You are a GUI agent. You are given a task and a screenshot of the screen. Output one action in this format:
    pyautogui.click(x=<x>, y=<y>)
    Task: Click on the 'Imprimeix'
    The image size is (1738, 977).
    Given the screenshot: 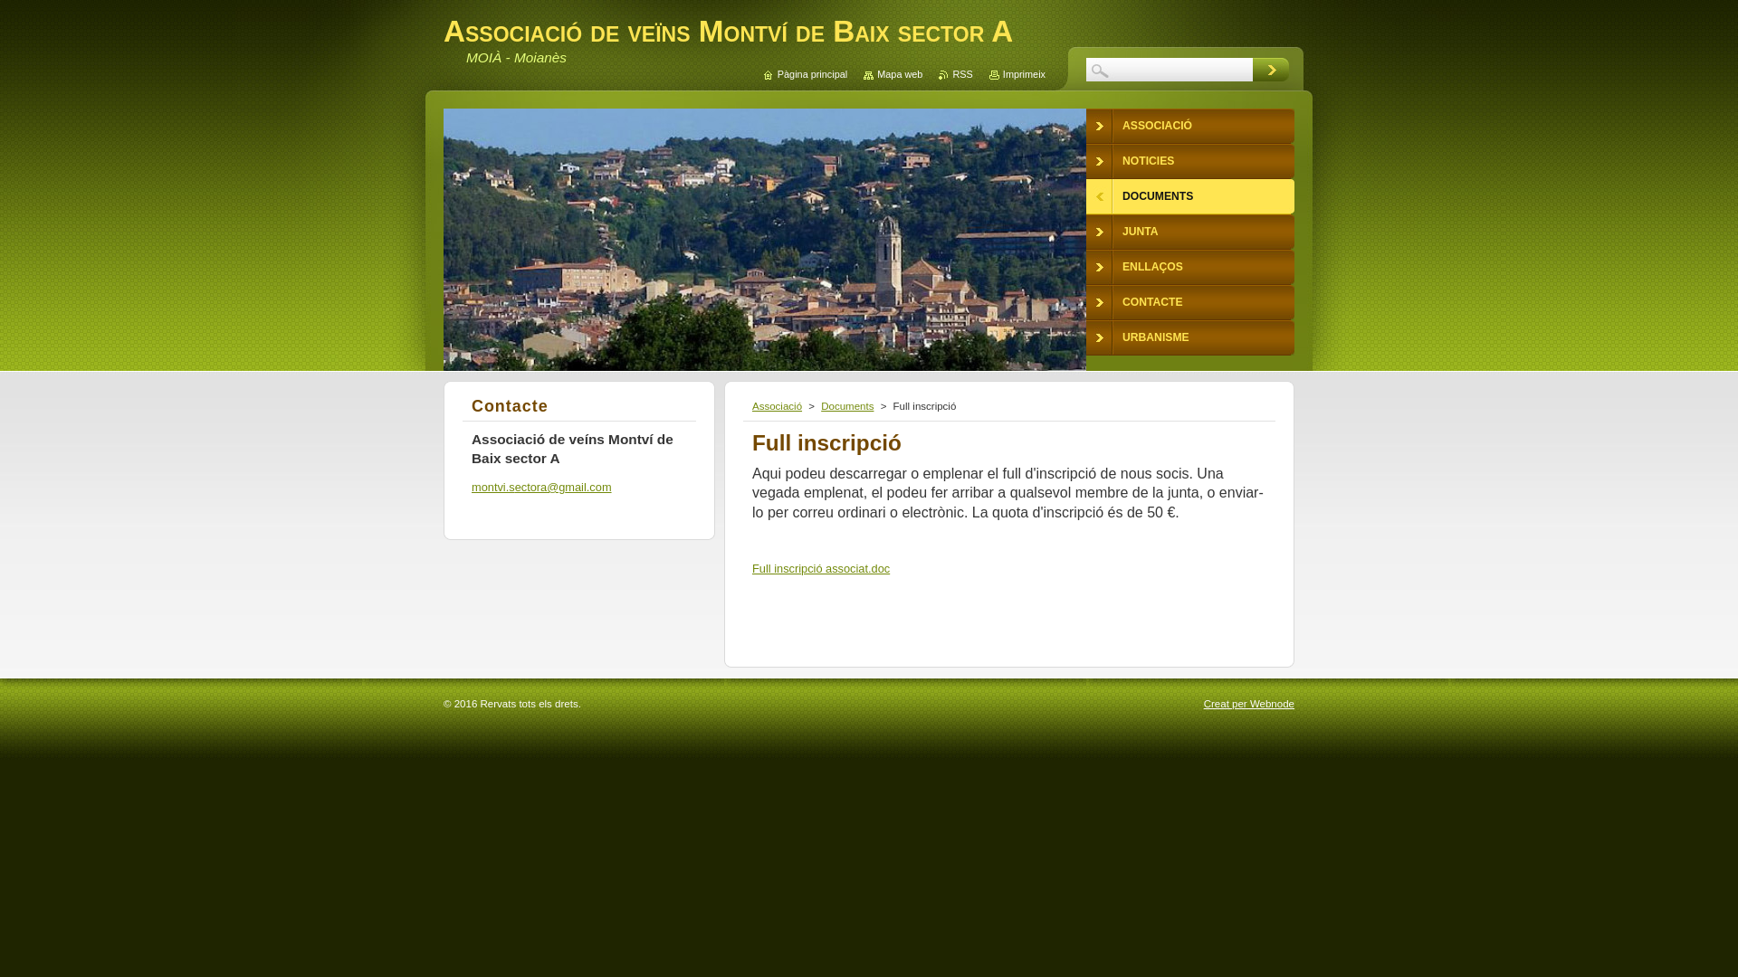 What is the action you would take?
    pyautogui.click(x=1017, y=72)
    